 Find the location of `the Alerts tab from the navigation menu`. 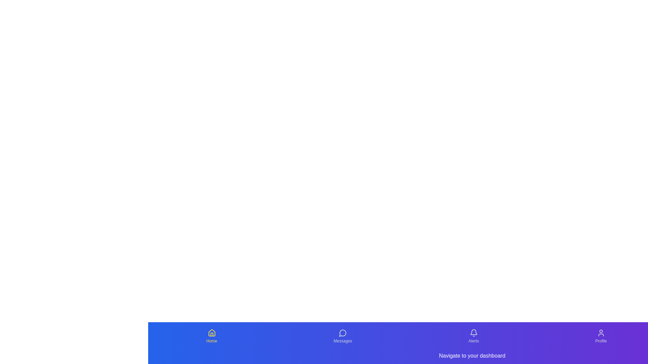

the Alerts tab from the navigation menu is located at coordinates (473, 336).